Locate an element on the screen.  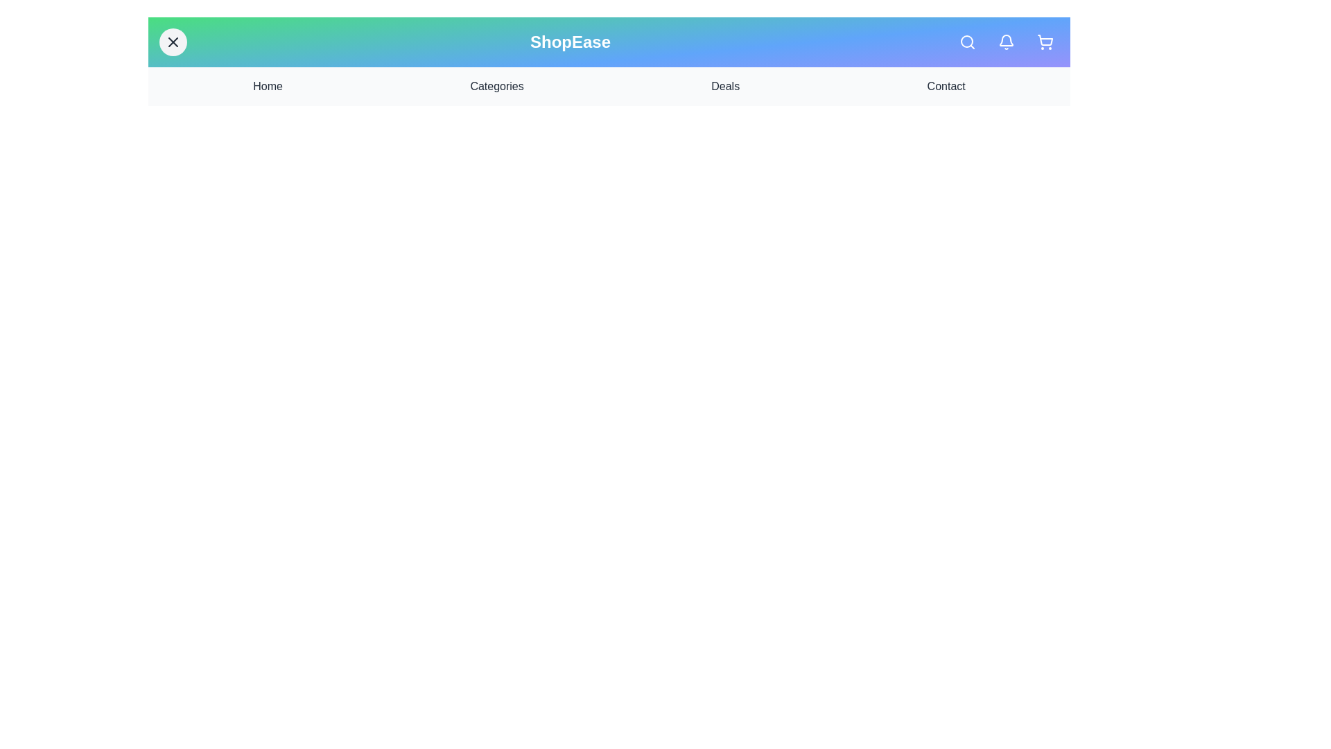
the navigation link Deals is located at coordinates (724, 86).